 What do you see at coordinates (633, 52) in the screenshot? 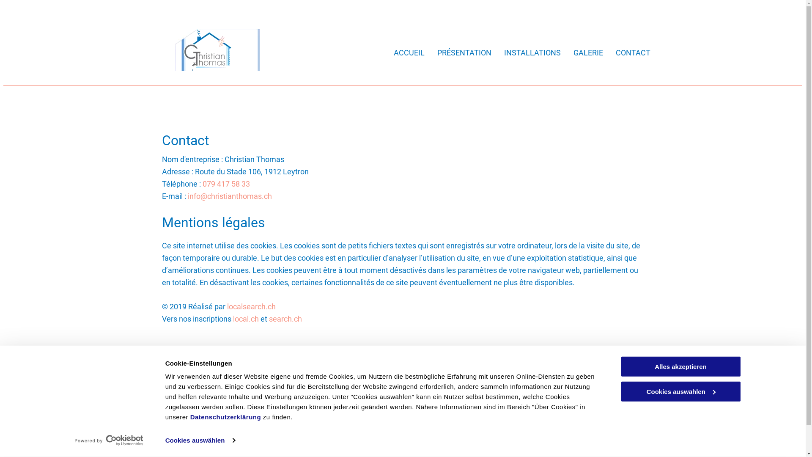
I see `'CONTACT'` at bounding box center [633, 52].